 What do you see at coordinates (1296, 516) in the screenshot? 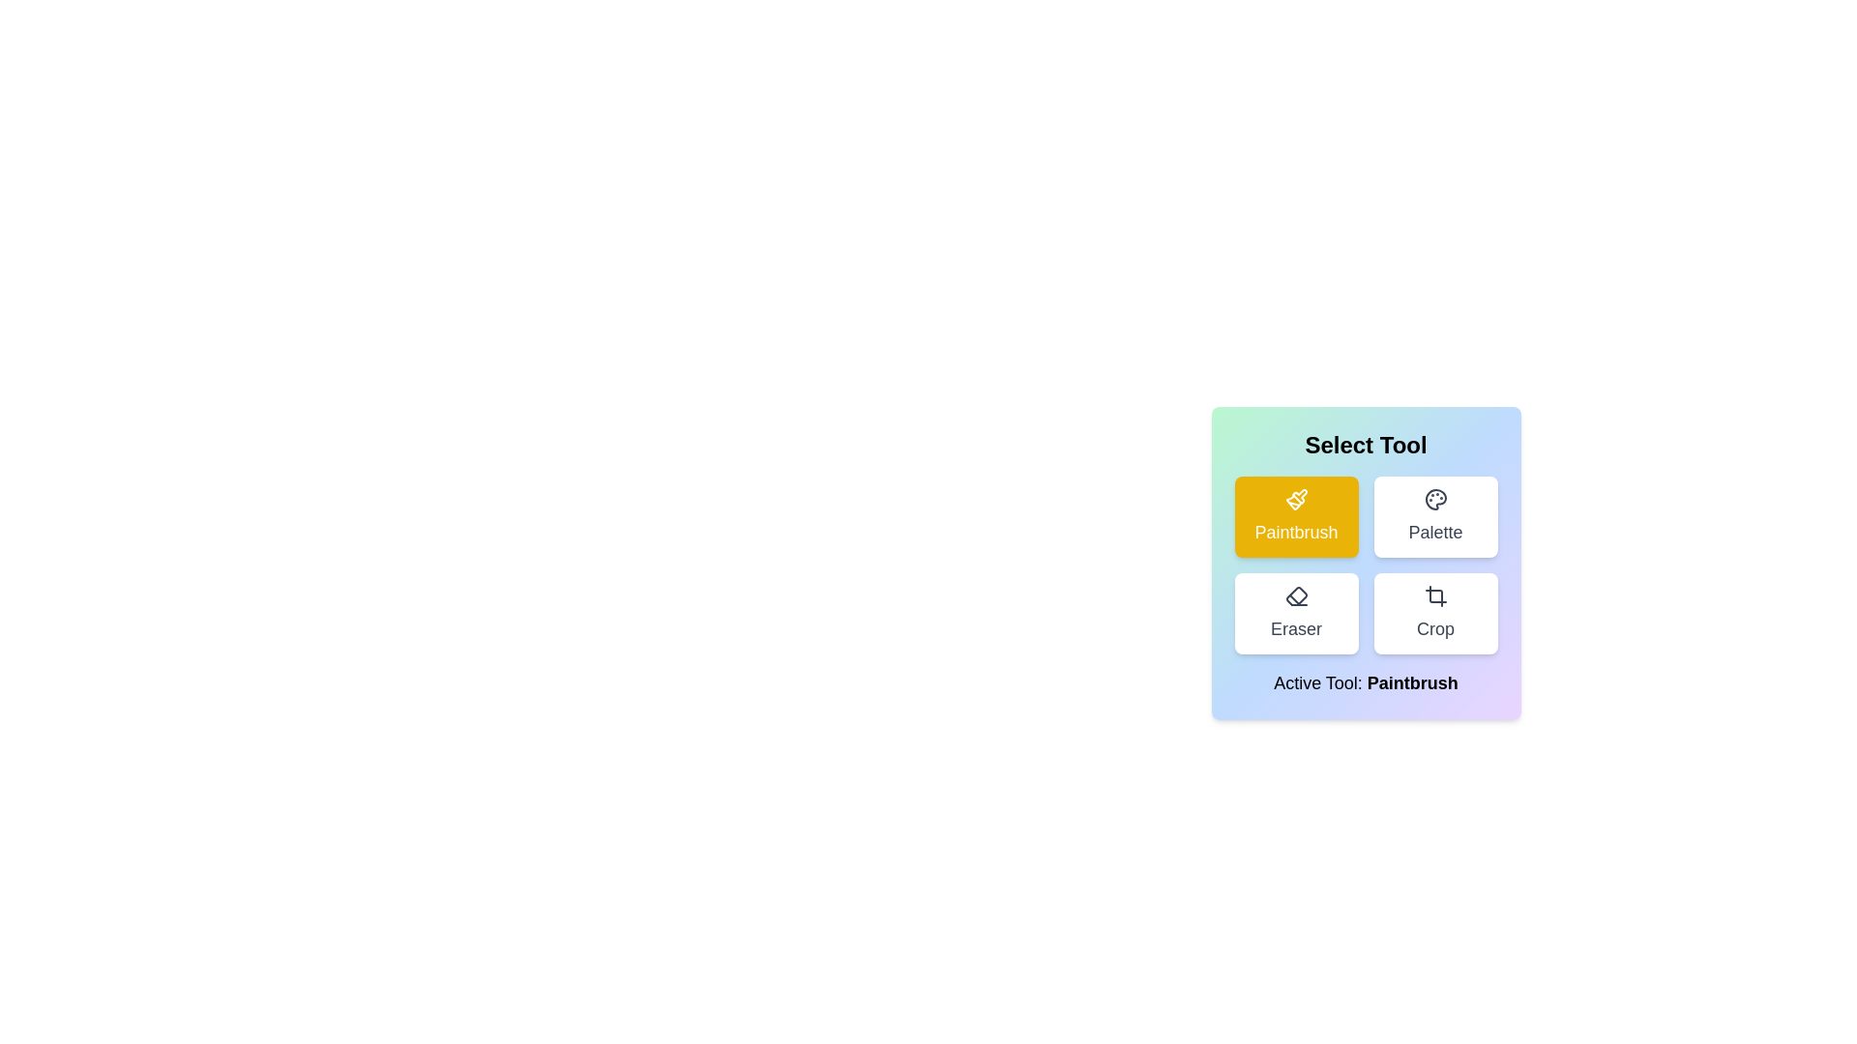
I see `the Paintbrush button to observe its hover effect` at bounding box center [1296, 516].